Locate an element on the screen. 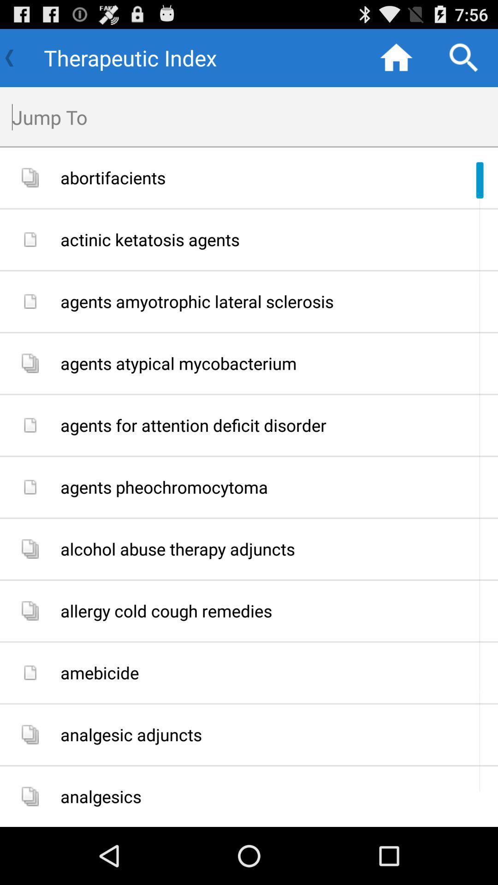  the agents pheochromocytoma app is located at coordinates (275, 487).